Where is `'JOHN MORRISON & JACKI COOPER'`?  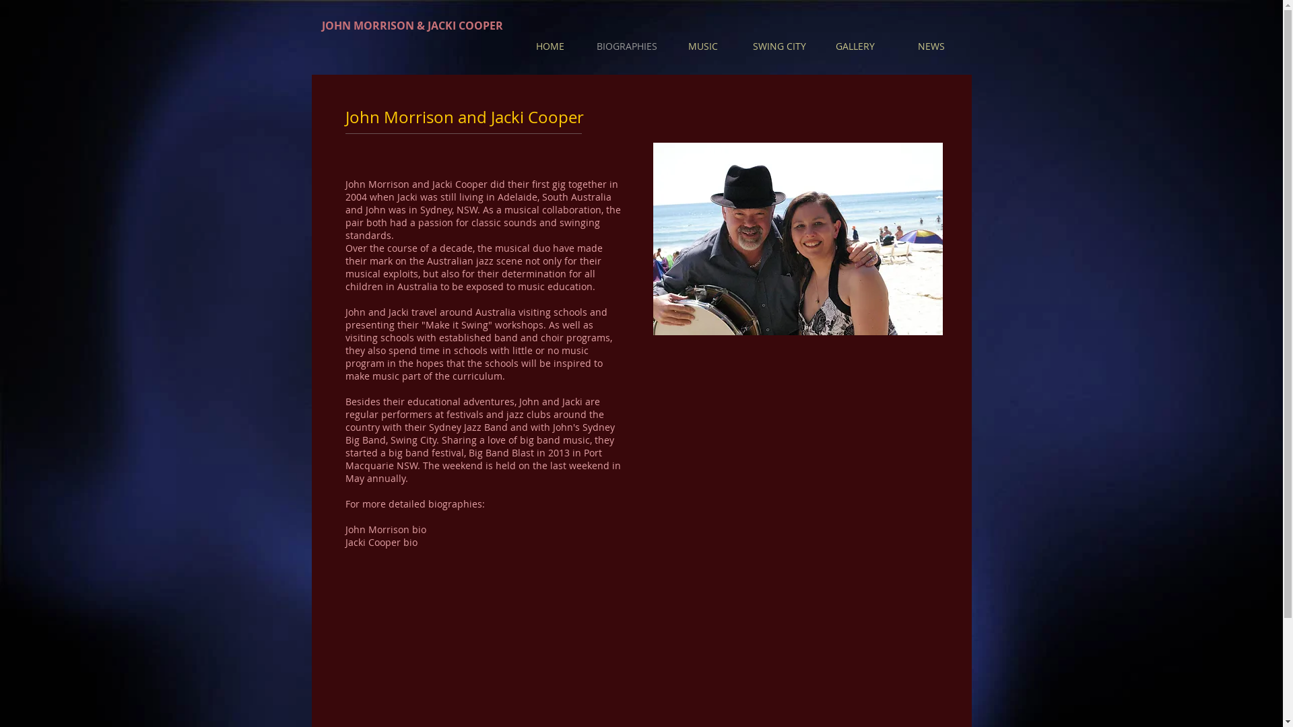
'JOHN MORRISON & JACKI COOPER' is located at coordinates (411, 26).